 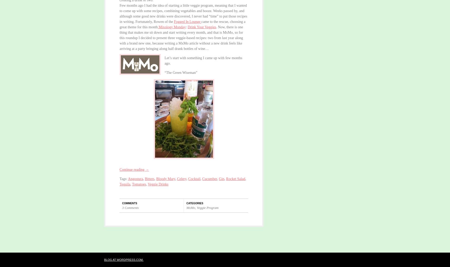 I want to click on ':', so click(x=186, y=27).